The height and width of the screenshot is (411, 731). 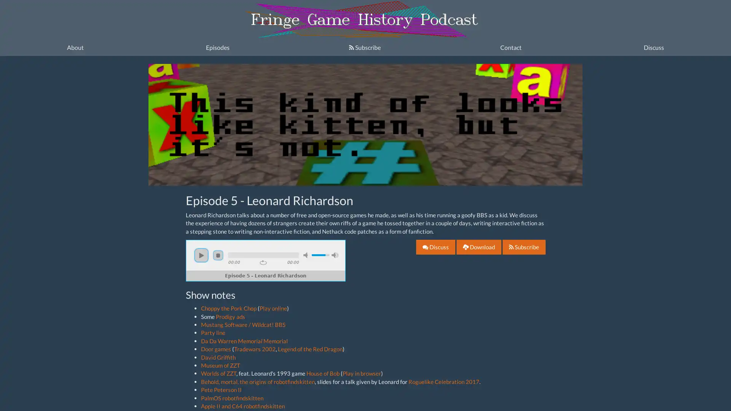 What do you see at coordinates (263, 262) in the screenshot?
I see `repeat` at bounding box center [263, 262].